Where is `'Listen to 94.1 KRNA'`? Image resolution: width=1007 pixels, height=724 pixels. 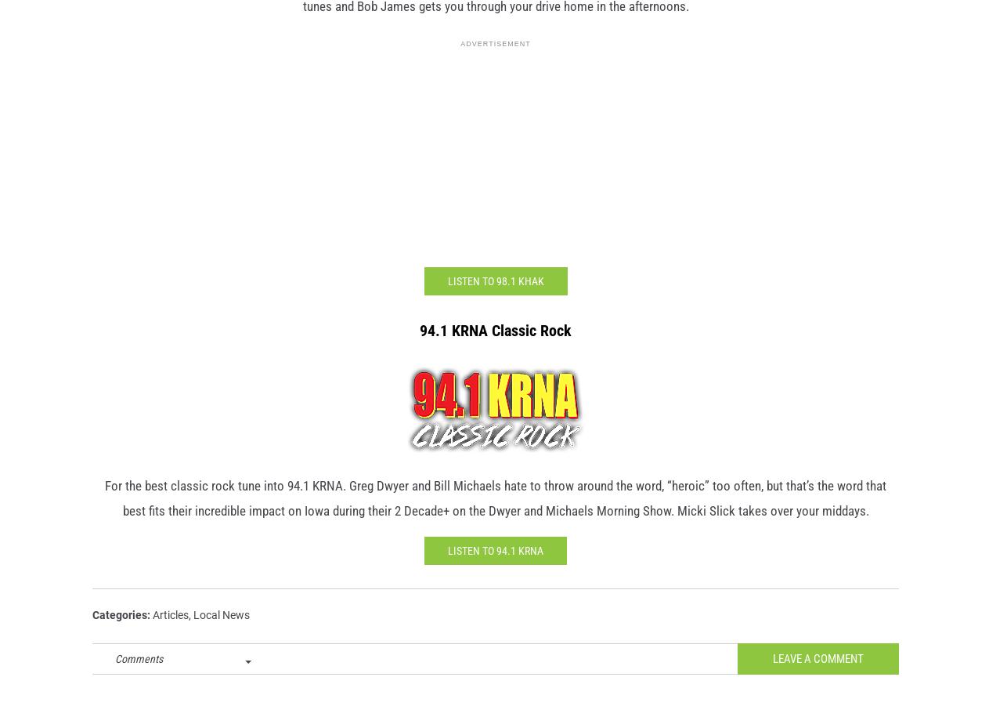
'Listen to 94.1 KRNA' is located at coordinates (494, 575).